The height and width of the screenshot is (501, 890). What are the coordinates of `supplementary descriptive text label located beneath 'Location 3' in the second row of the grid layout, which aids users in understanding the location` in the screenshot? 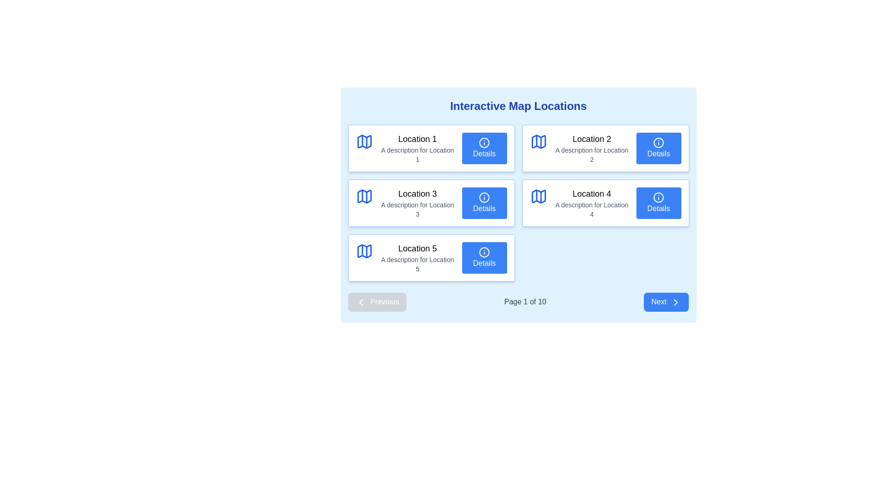 It's located at (417, 209).